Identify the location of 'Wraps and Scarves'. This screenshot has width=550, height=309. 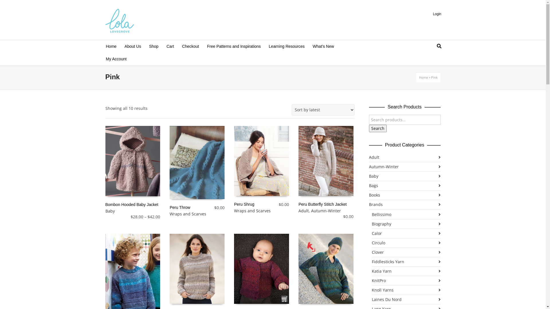
(188, 214).